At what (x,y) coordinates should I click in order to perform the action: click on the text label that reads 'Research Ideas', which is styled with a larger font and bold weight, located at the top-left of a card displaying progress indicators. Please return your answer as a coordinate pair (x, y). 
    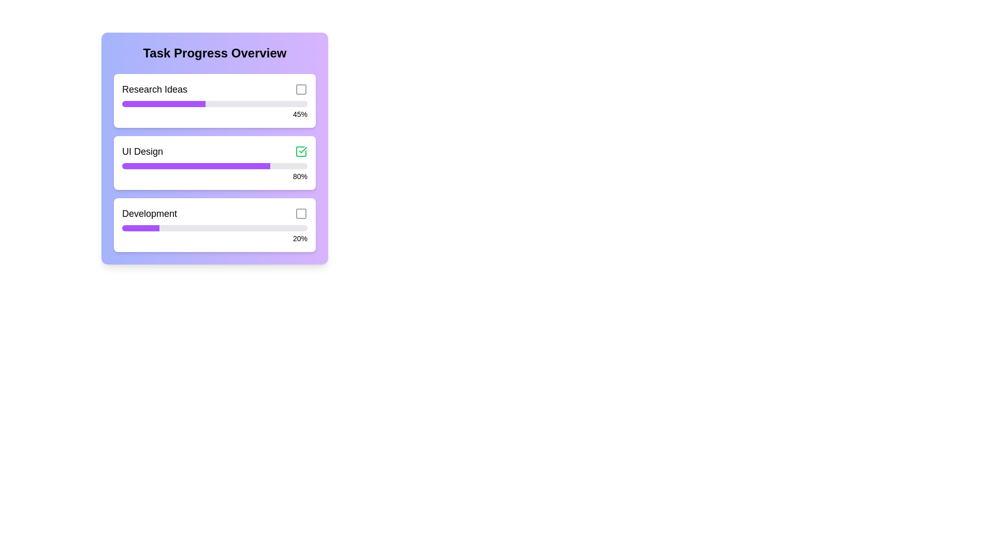
    Looking at the image, I should click on (154, 89).